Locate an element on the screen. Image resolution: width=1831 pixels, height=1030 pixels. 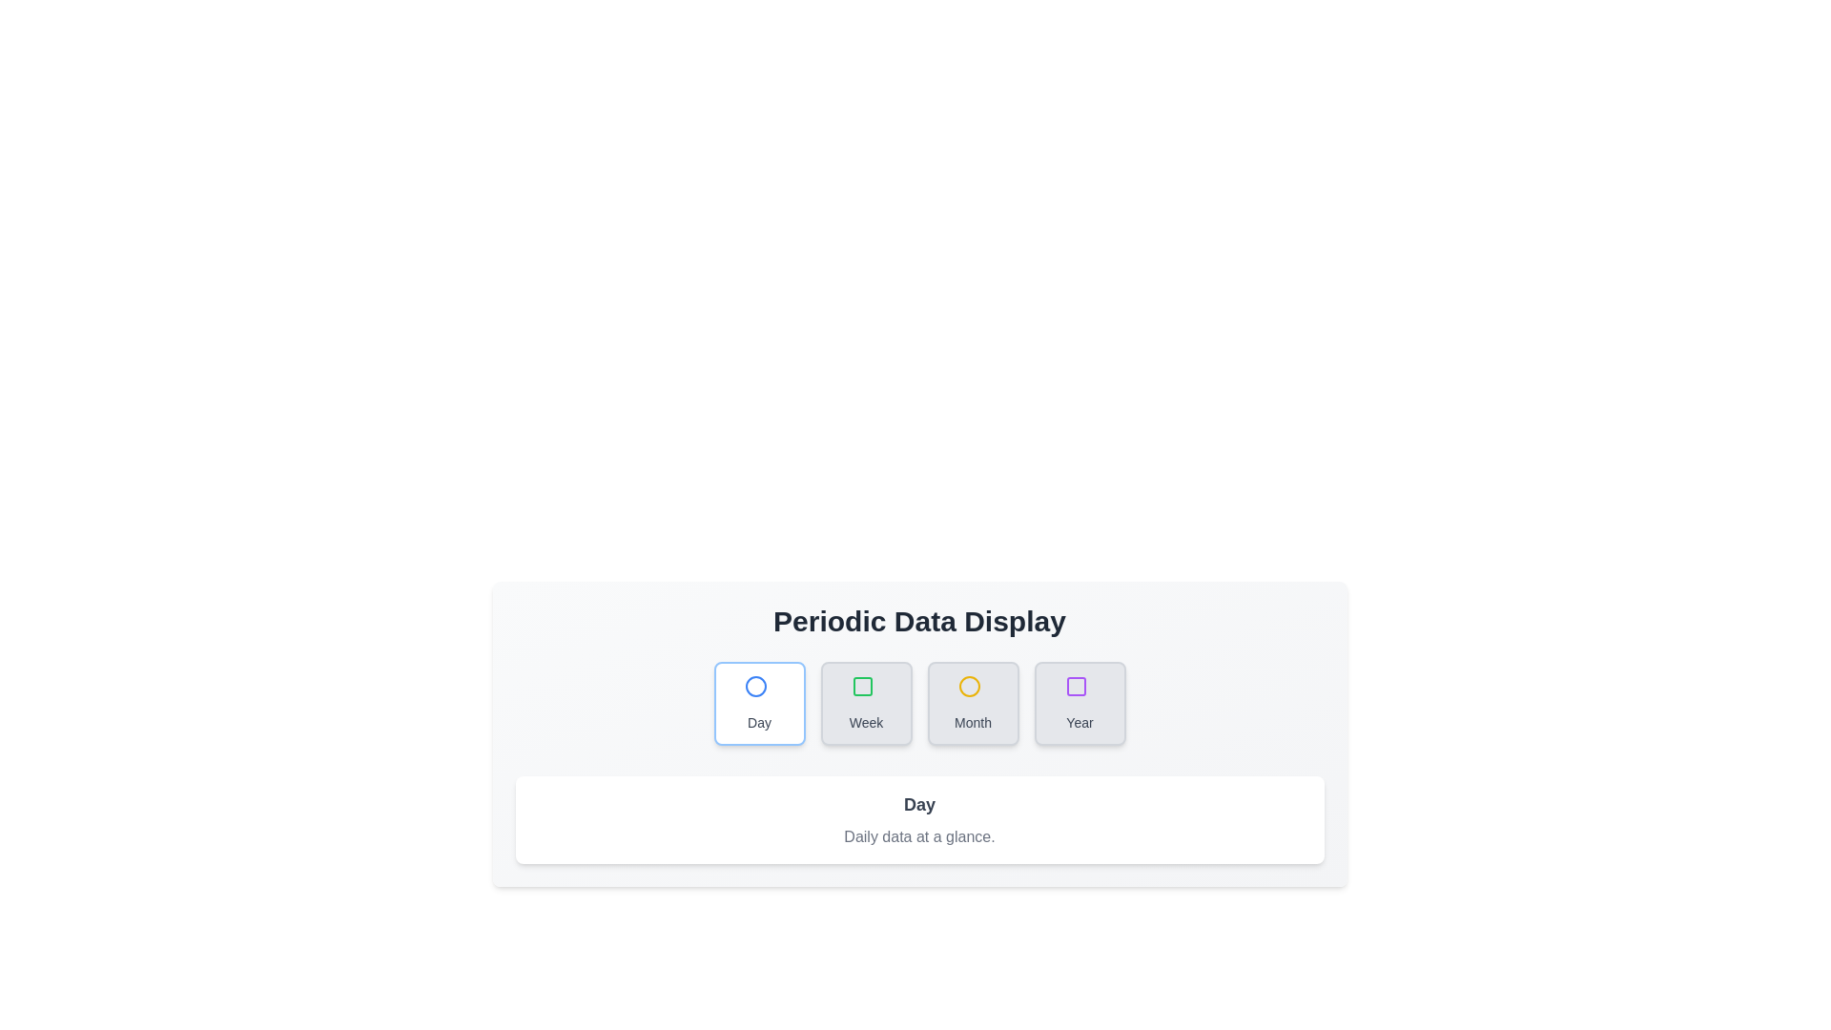
the SVG circle element representing the 'Day' option in the selection menu, which is part of a four-button group below 'Periodic Data Display' is located at coordinates (754, 687).